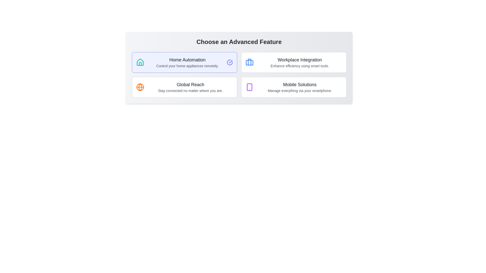 Image resolution: width=486 pixels, height=273 pixels. What do you see at coordinates (190, 90) in the screenshot?
I see `the descriptive text element supporting the 'Global Reach' feature, which is positioned directly below the heading 'Global Reach'` at bounding box center [190, 90].